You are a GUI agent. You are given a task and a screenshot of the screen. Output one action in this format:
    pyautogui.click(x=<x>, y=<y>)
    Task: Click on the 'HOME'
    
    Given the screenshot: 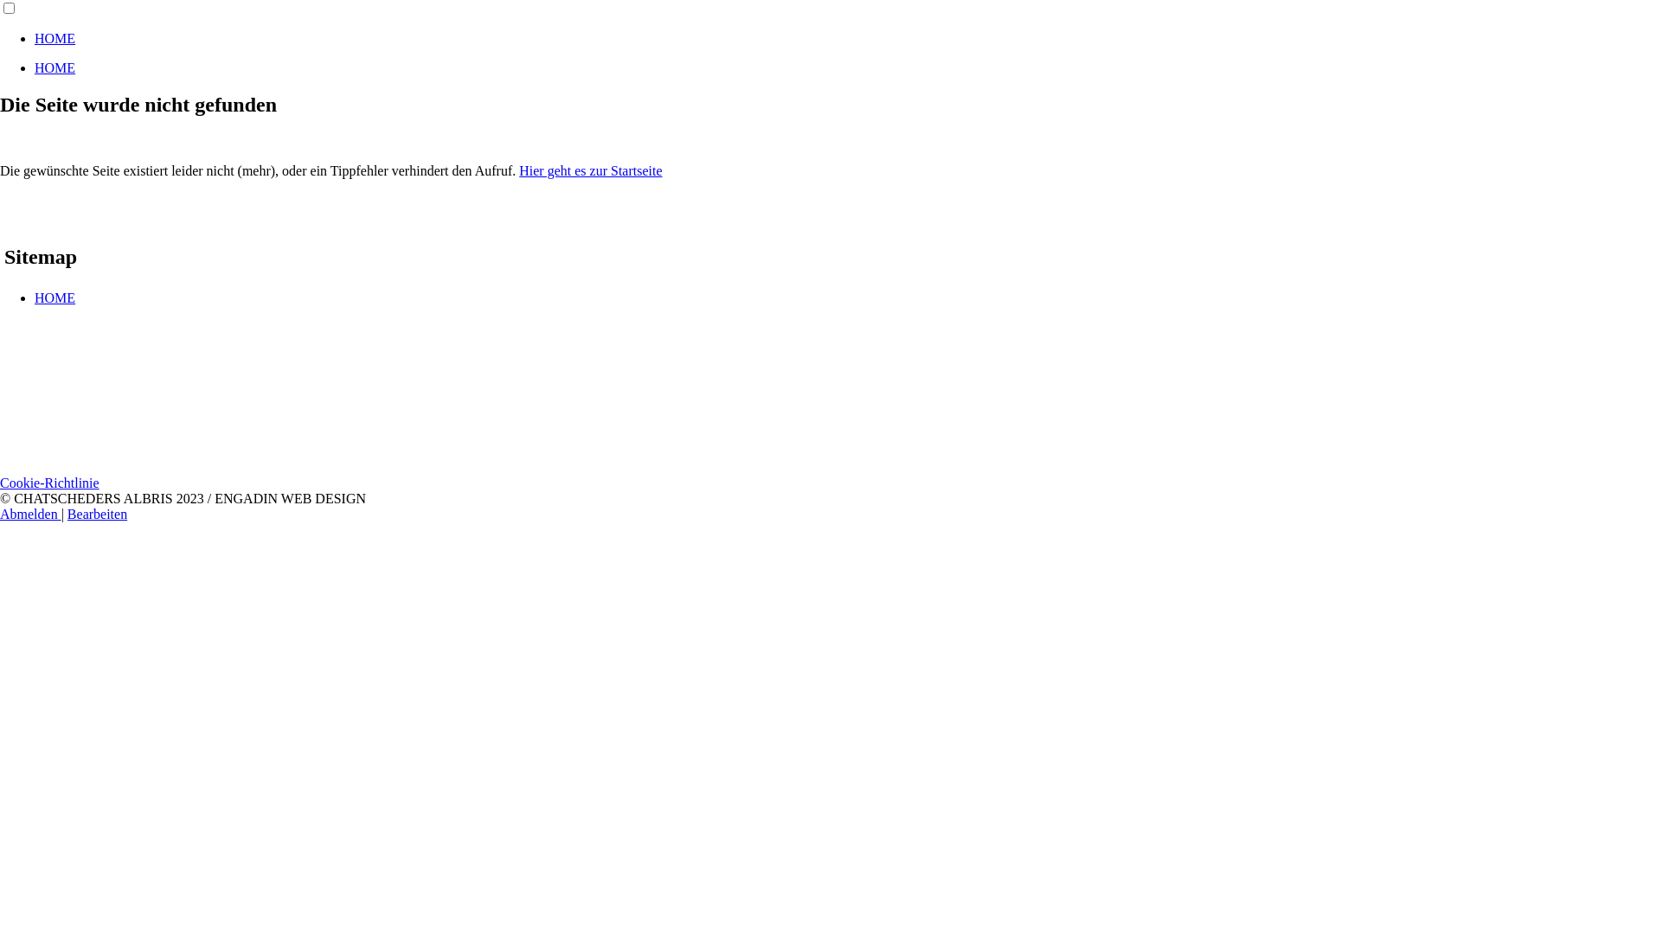 What is the action you would take?
    pyautogui.click(x=34, y=38)
    